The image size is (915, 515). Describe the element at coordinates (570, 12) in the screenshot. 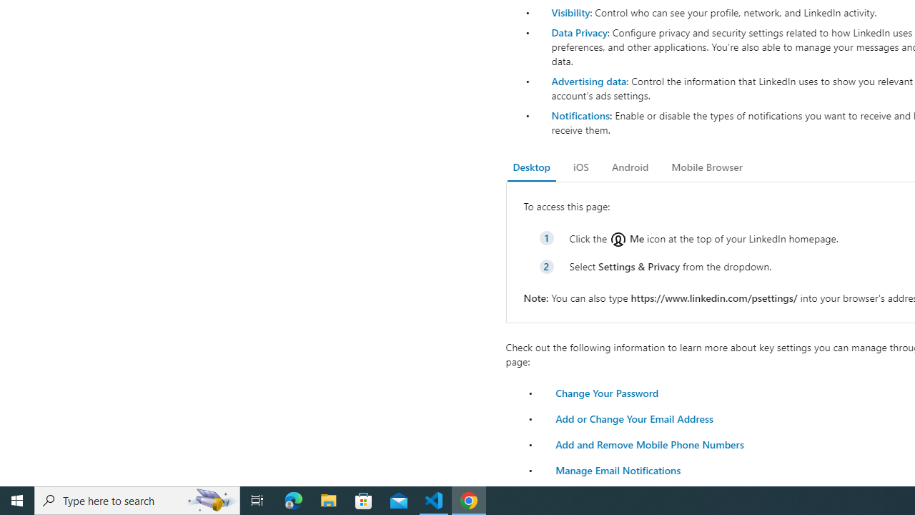

I see `'Visibility'` at that location.